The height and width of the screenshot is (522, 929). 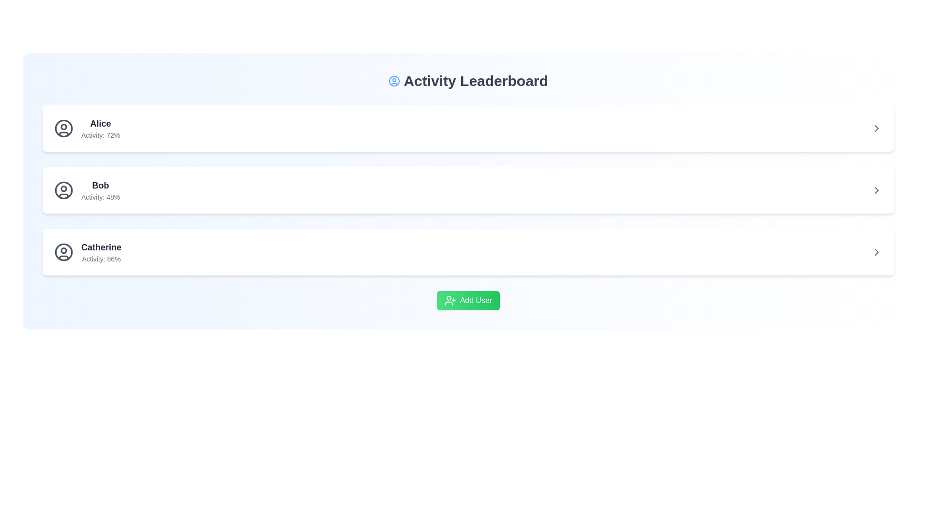 I want to click on the right-pointing chevron icon styled in gray located at the far right of the row labeled with 'Bob' and 'Activity: 48%', so click(x=876, y=190).